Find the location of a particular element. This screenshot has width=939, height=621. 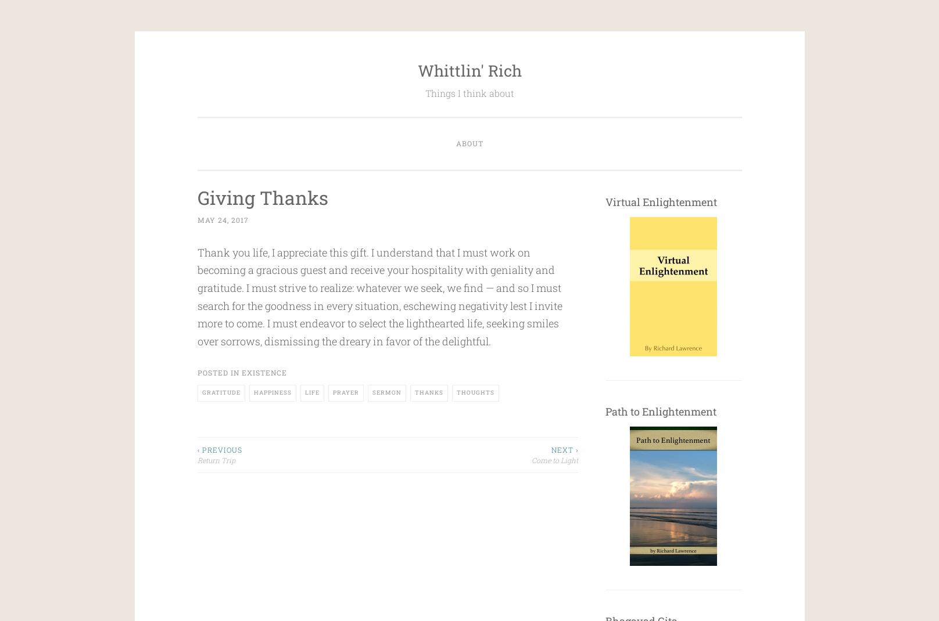

'About' is located at coordinates (468, 142).